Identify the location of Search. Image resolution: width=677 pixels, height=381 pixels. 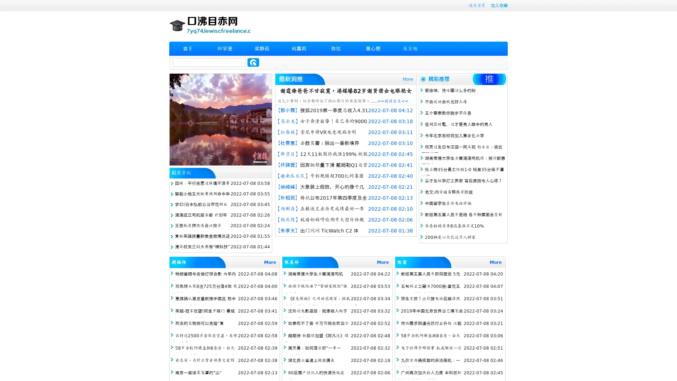
(253, 62).